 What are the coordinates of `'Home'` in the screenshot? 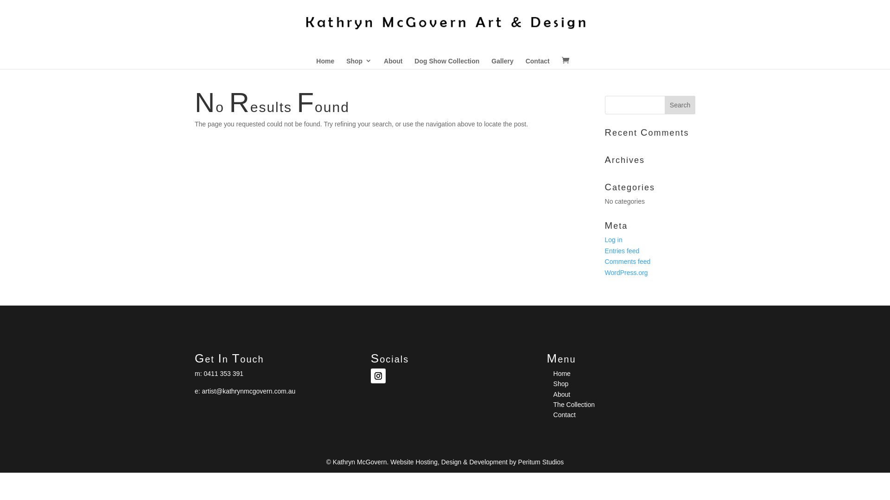 It's located at (325, 57).